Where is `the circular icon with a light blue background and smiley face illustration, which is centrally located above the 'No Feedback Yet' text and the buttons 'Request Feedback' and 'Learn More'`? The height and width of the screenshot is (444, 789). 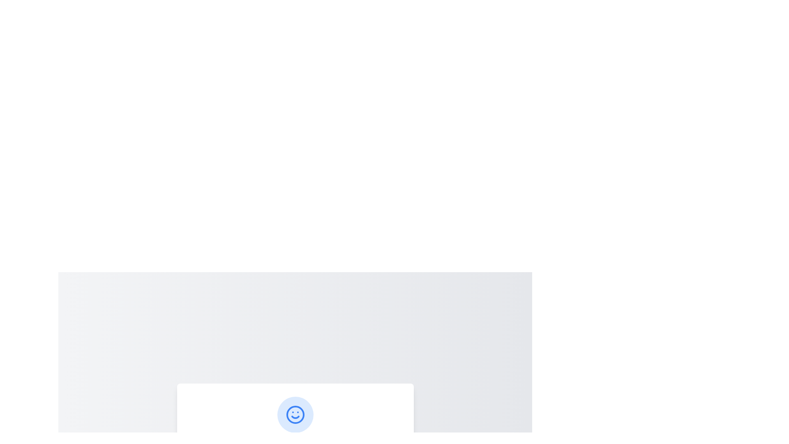
the circular icon with a light blue background and smiley face illustration, which is centrally located above the 'No Feedback Yet' text and the buttons 'Request Feedback' and 'Learn More' is located at coordinates (295, 415).